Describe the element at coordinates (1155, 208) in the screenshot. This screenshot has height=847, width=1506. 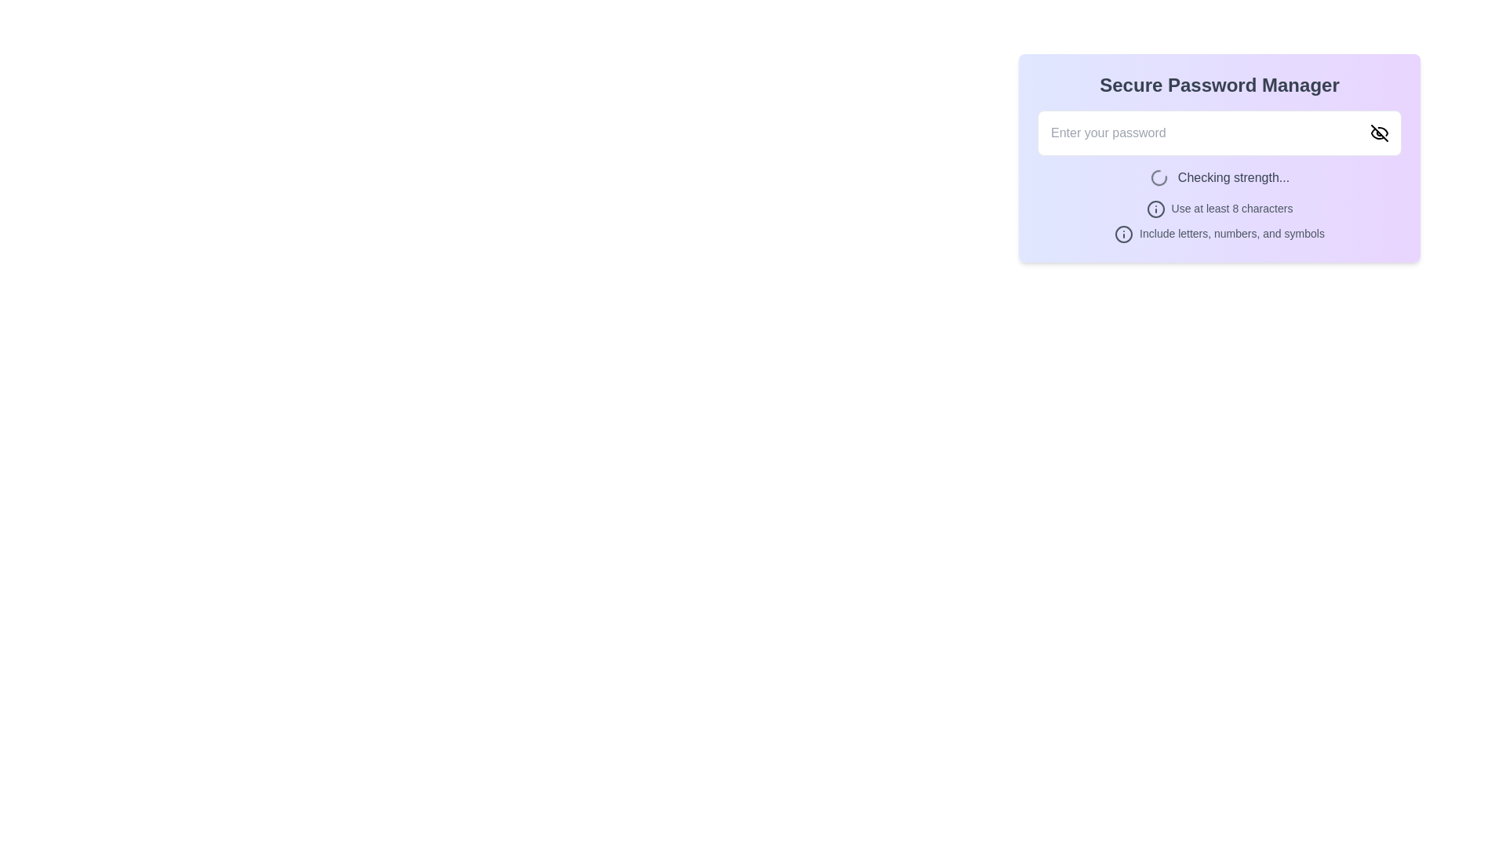
I see `the information icon located to the left of the 'Use at least 8 characters' text area` at that location.